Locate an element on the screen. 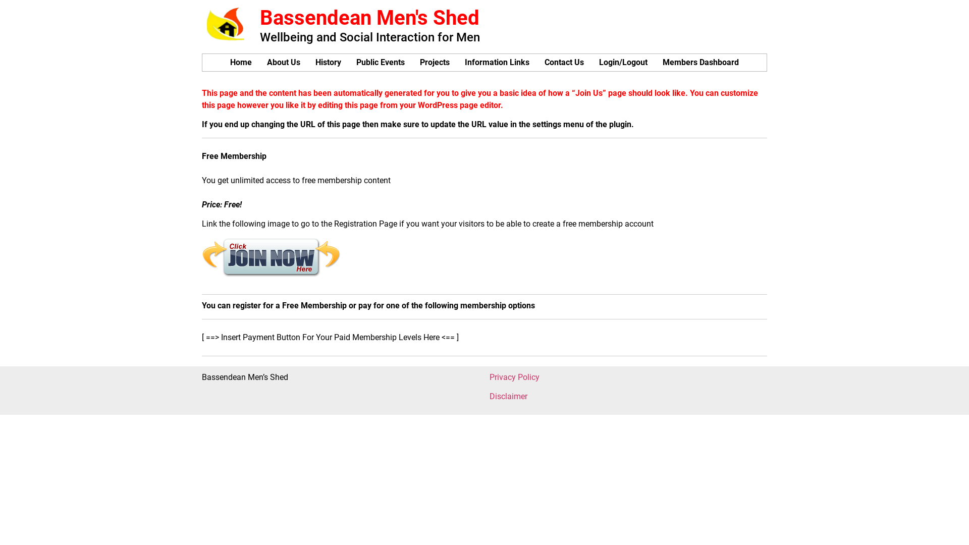 The width and height of the screenshot is (969, 545). 'History' is located at coordinates (328, 62).